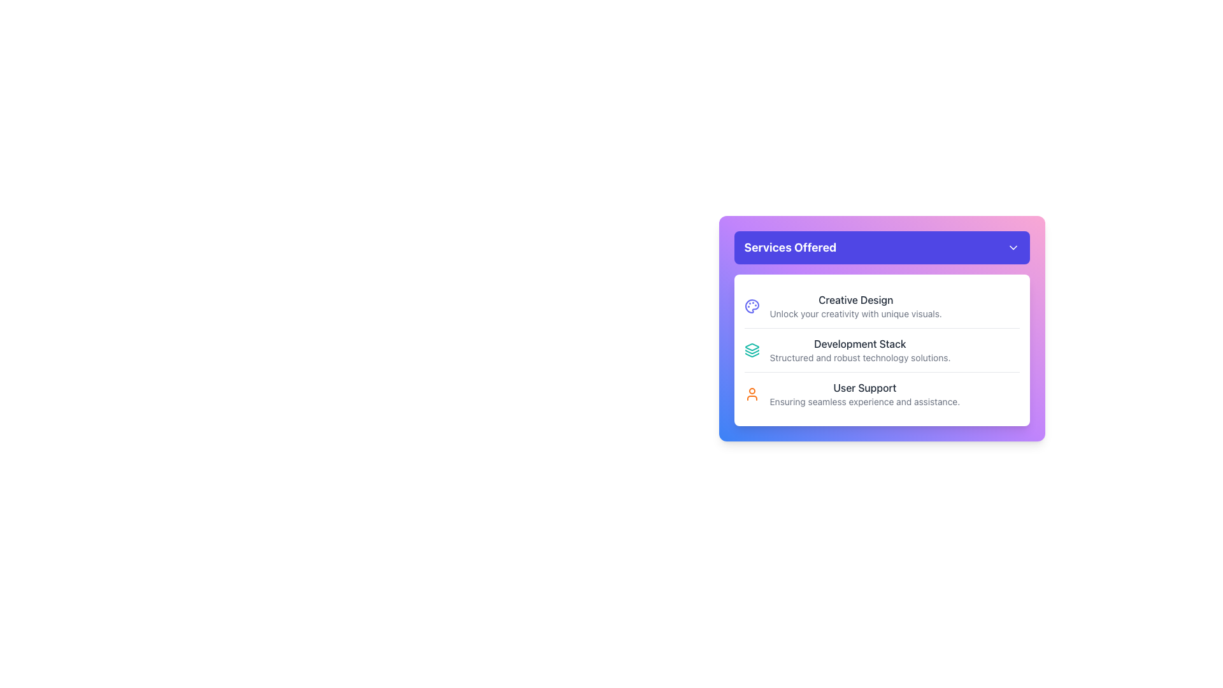 This screenshot has width=1223, height=688. What do you see at coordinates (855, 299) in the screenshot?
I see `text label that serves as a category title within the first subsection of the 'Services Offered' card, aligned with the subtitle 'Unlock your creativity with unique visuals.'` at bounding box center [855, 299].